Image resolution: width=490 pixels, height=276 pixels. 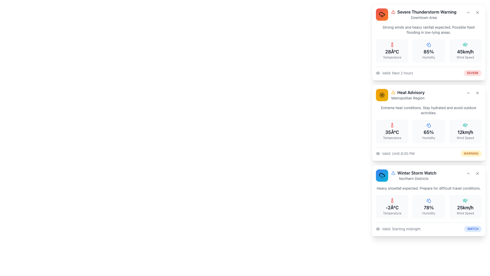 I want to click on the 'Heat Advisory' title with an icon representation, which indicates a specific weather alert and is located at the top of the middle weather advisory card, so click(x=408, y=93).